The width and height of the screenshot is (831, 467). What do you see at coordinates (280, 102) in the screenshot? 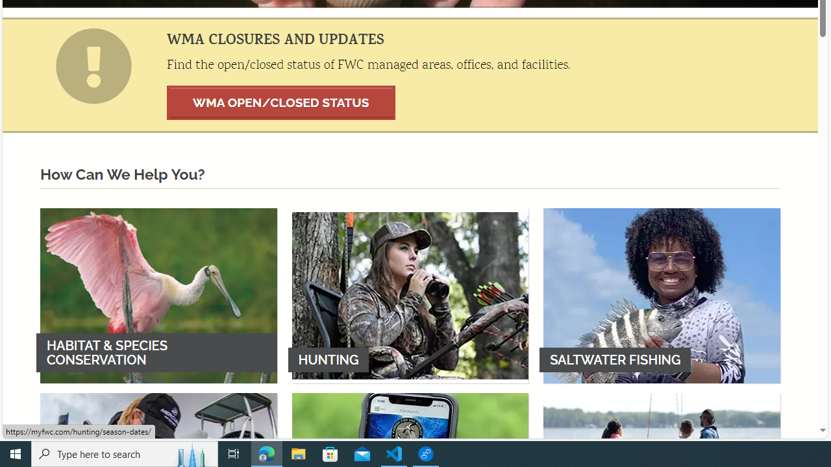
I see `'WMA OPEN/CLOSED STATUS'` at bounding box center [280, 102].